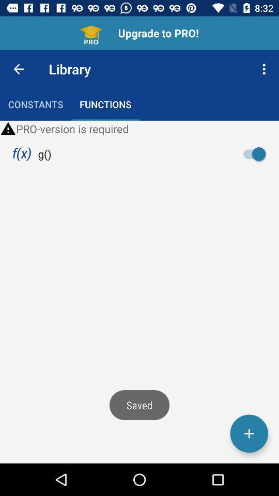  I want to click on the icon above constants, so click(19, 68).